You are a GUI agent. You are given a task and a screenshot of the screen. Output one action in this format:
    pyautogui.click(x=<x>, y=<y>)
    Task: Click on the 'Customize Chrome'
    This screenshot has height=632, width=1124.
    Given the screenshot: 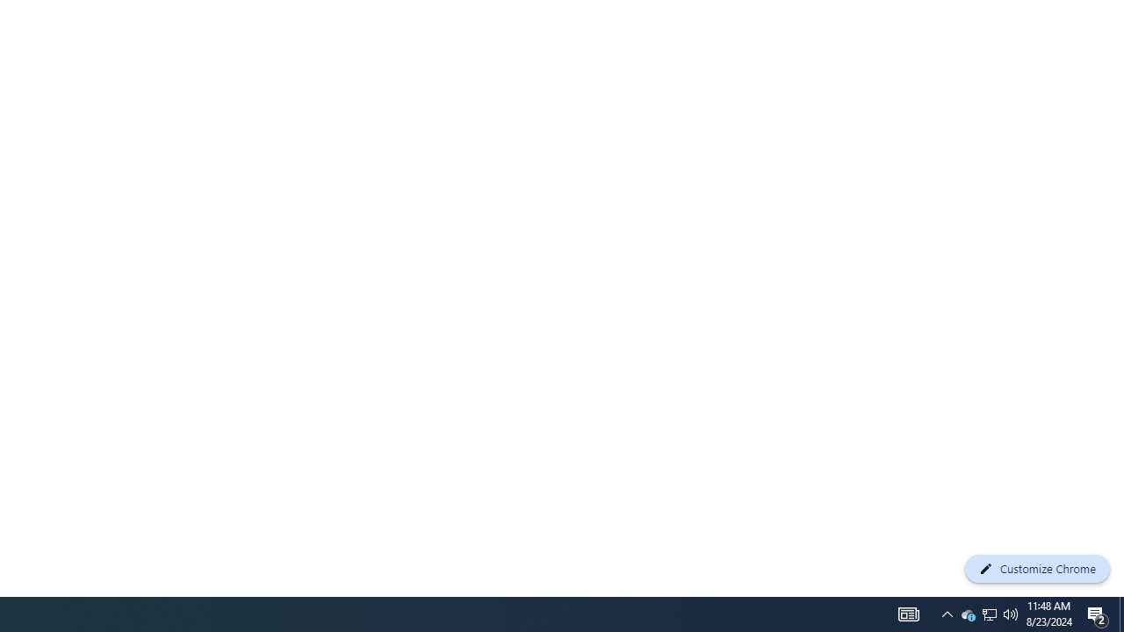 What is the action you would take?
    pyautogui.click(x=1037, y=569)
    